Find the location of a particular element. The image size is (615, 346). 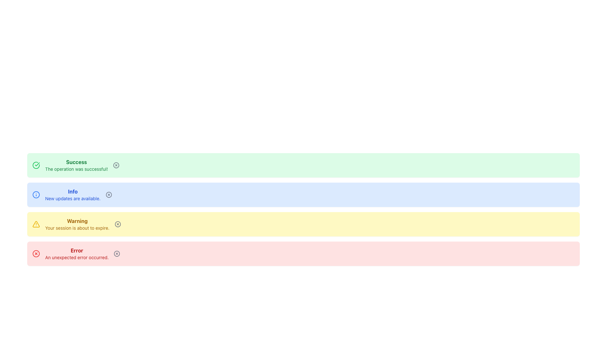

the text label that provides detailed feedback about the success of an operation, located below the 'Success' heading in the green notification box is located at coordinates (77, 169).